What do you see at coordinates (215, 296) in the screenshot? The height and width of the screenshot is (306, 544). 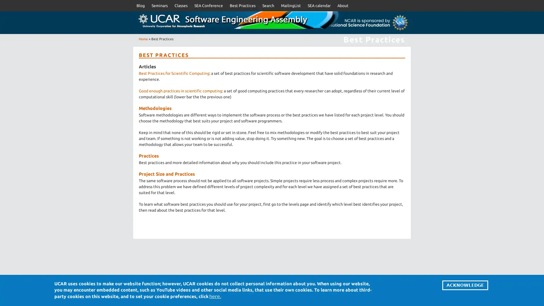 I see `here.` at bounding box center [215, 296].